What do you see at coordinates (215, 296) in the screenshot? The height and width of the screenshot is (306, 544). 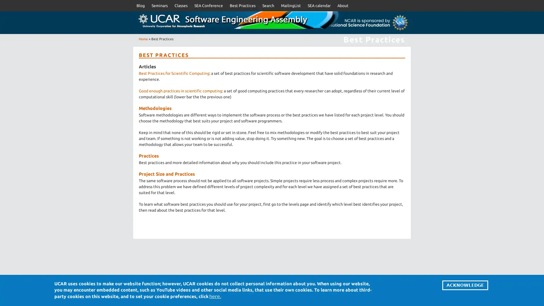 I see `here.` at bounding box center [215, 296].